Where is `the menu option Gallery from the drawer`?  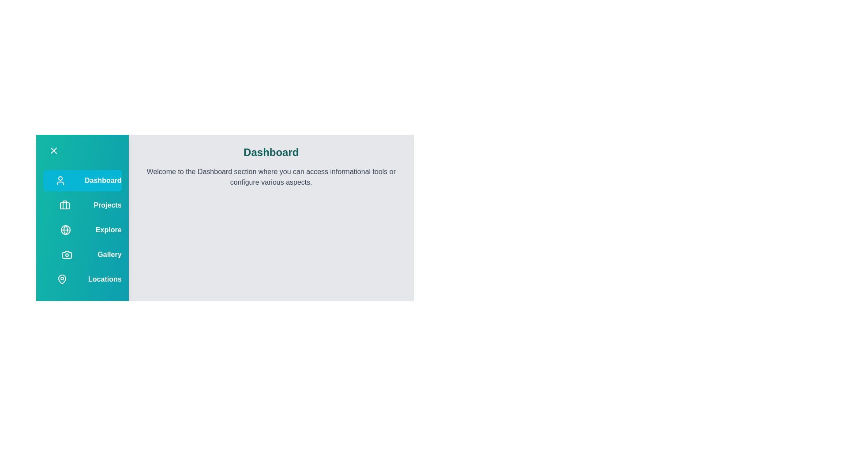 the menu option Gallery from the drawer is located at coordinates (82, 255).